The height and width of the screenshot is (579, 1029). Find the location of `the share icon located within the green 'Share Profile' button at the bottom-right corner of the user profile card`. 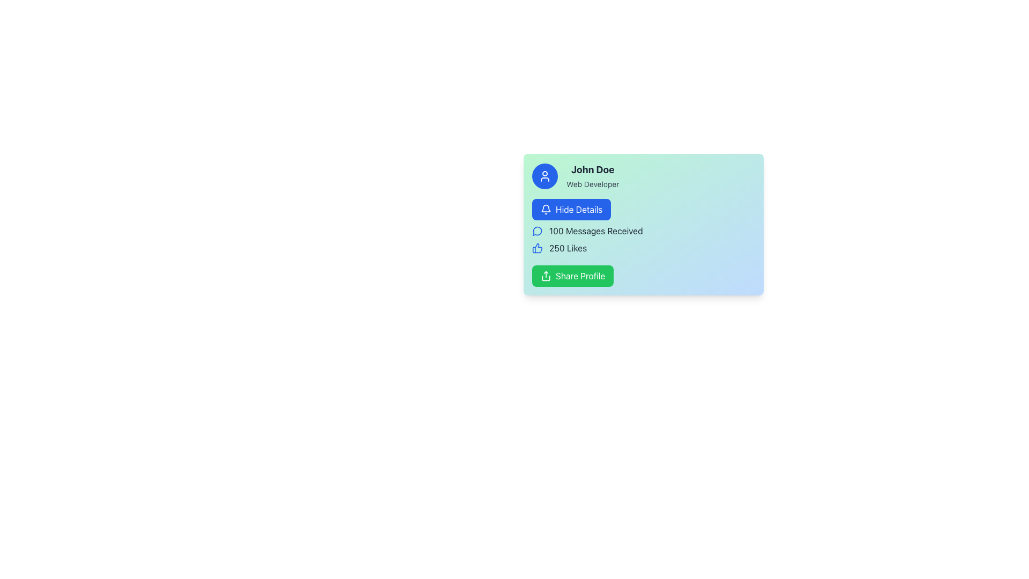

the share icon located within the green 'Share Profile' button at the bottom-right corner of the user profile card is located at coordinates (546, 276).